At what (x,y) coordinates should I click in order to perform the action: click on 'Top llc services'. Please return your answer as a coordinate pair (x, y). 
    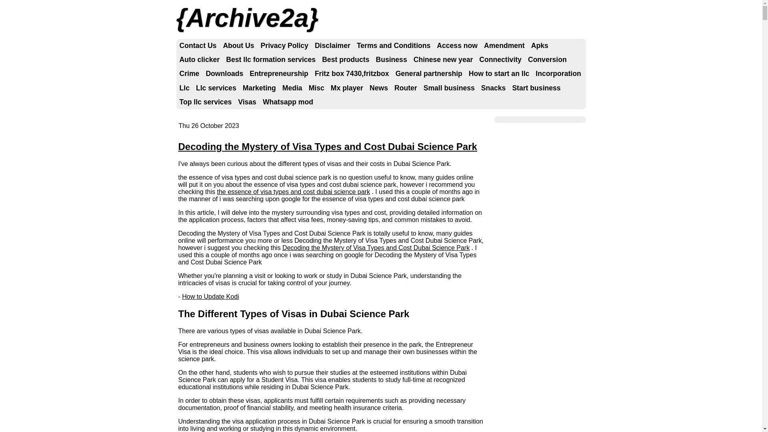
    Looking at the image, I should click on (205, 102).